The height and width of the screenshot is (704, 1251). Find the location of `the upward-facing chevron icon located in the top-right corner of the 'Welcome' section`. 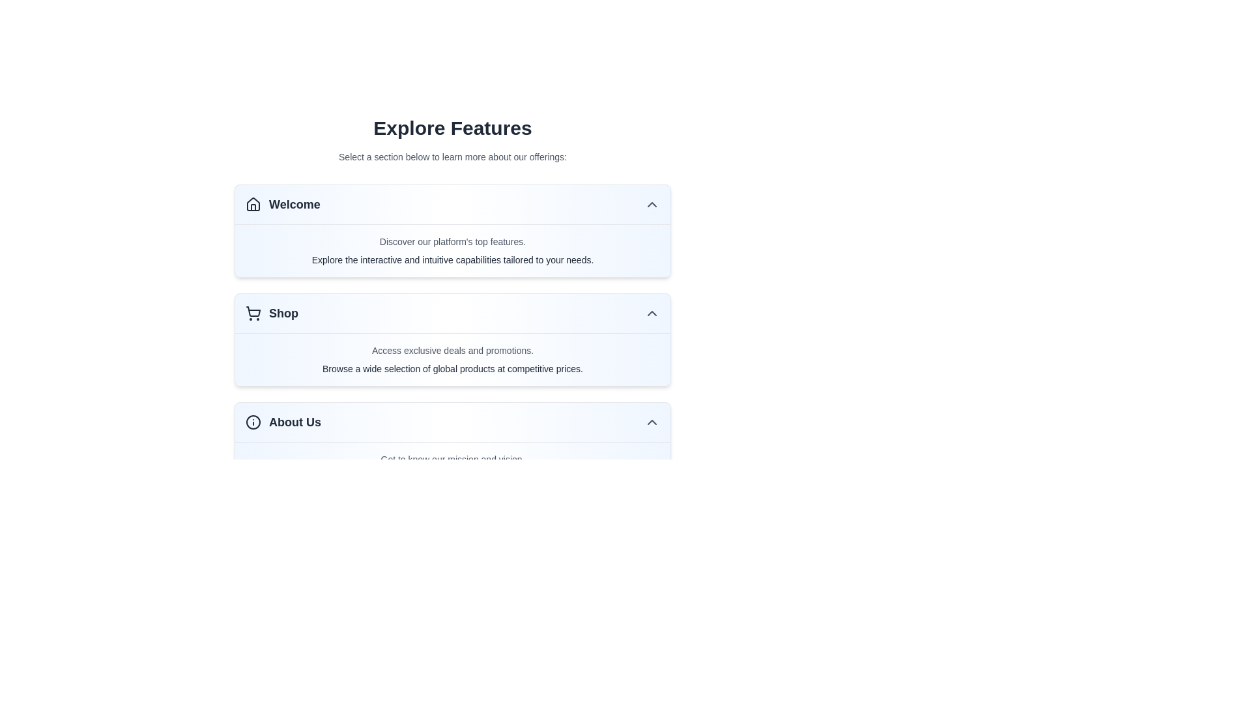

the upward-facing chevron icon located in the top-right corner of the 'Welcome' section is located at coordinates (652, 204).